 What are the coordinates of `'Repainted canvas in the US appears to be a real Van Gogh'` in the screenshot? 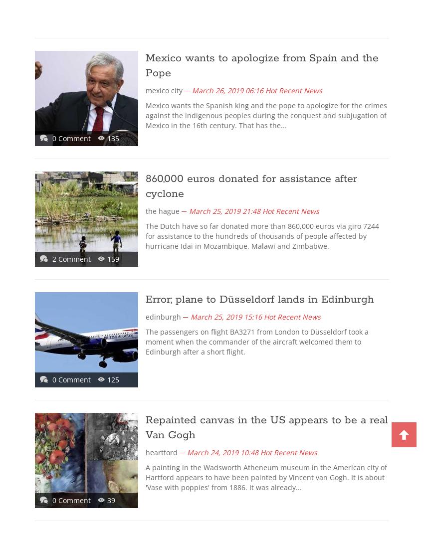 It's located at (266, 427).